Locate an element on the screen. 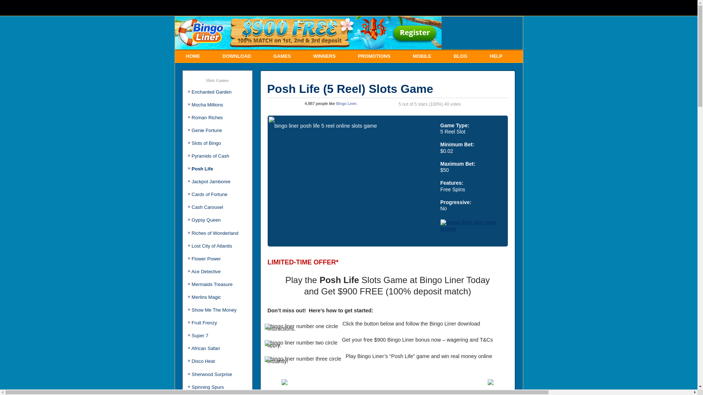 The height and width of the screenshot is (395, 703). 'Spinning Spurs' is located at coordinates (191, 387).